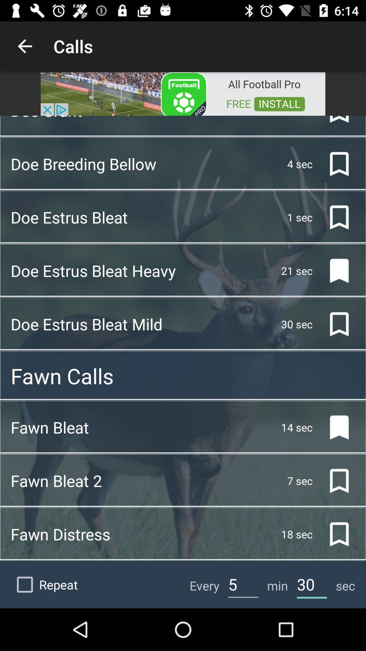 The width and height of the screenshot is (366, 651). Describe the element at coordinates (333, 534) in the screenshot. I see `the bookmark icon` at that location.